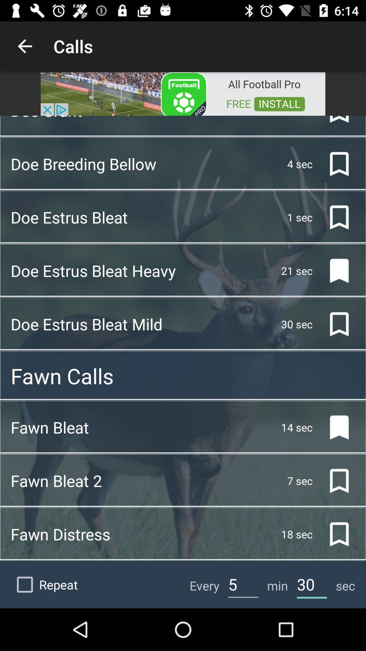 The width and height of the screenshot is (366, 651). Describe the element at coordinates (333, 534) in the screenshot. I see `the bookmark icon` at that location.